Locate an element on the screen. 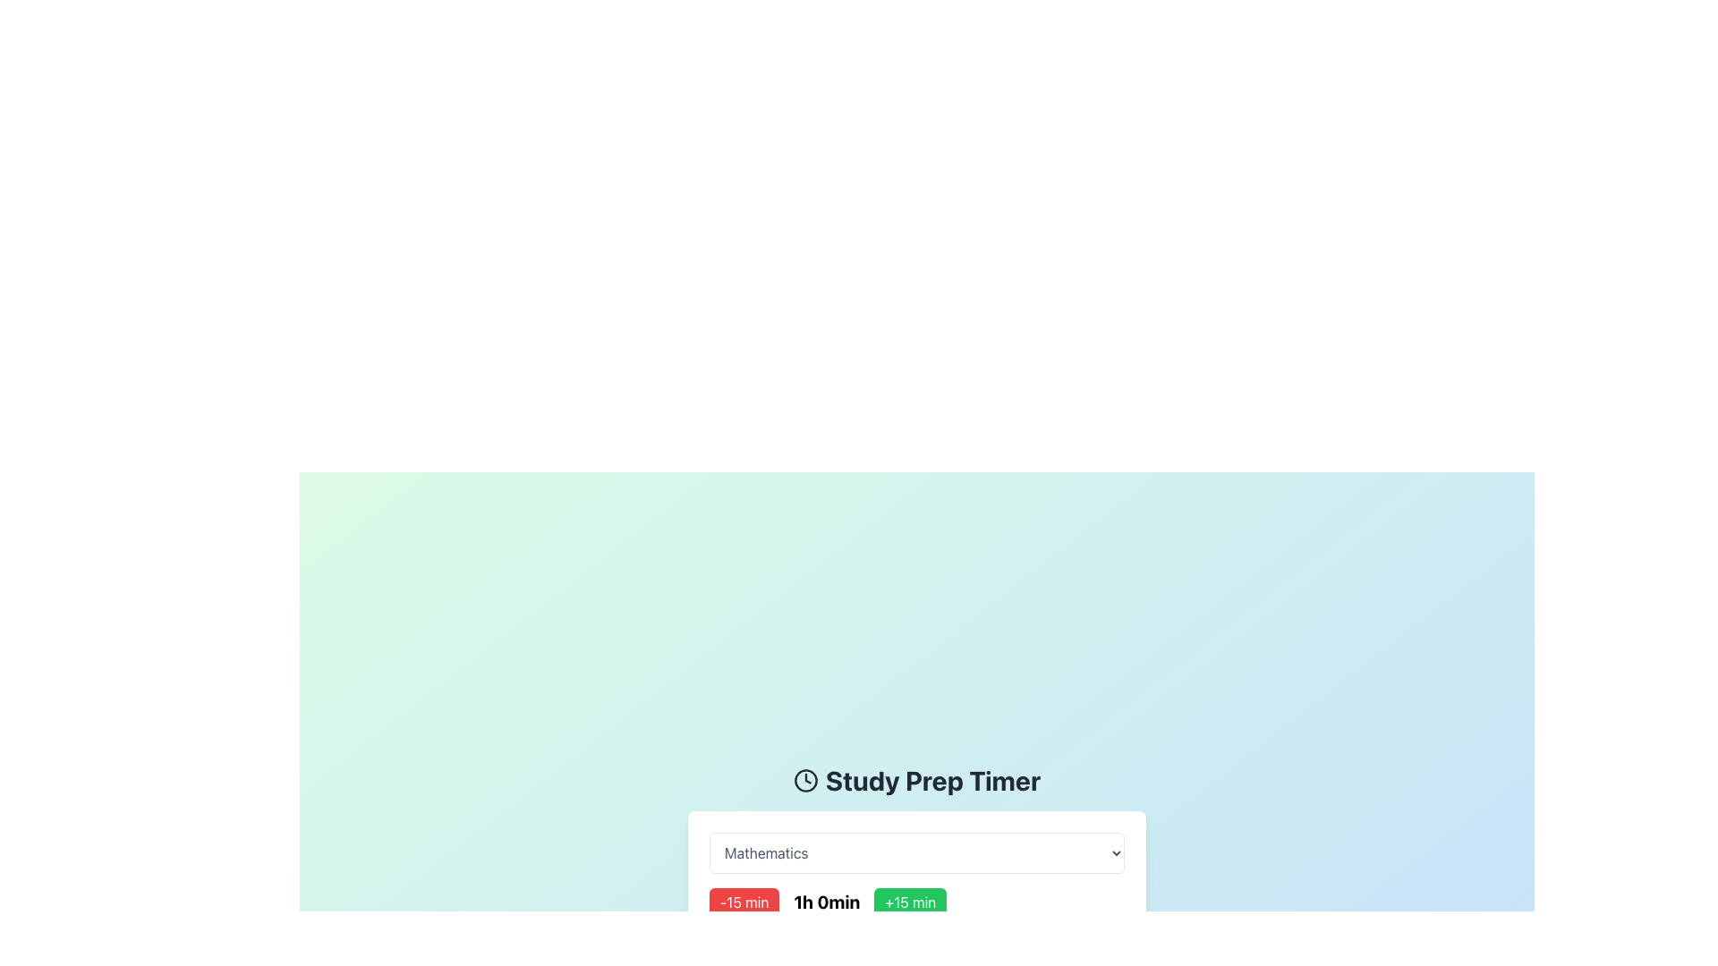 This screenshot has width=1718, height=966. the clock face represented by the SVG circle element located at the center of the clock icon, which is to the left of the title 'Study Prep Timer' is located at coordinates (804, 779).